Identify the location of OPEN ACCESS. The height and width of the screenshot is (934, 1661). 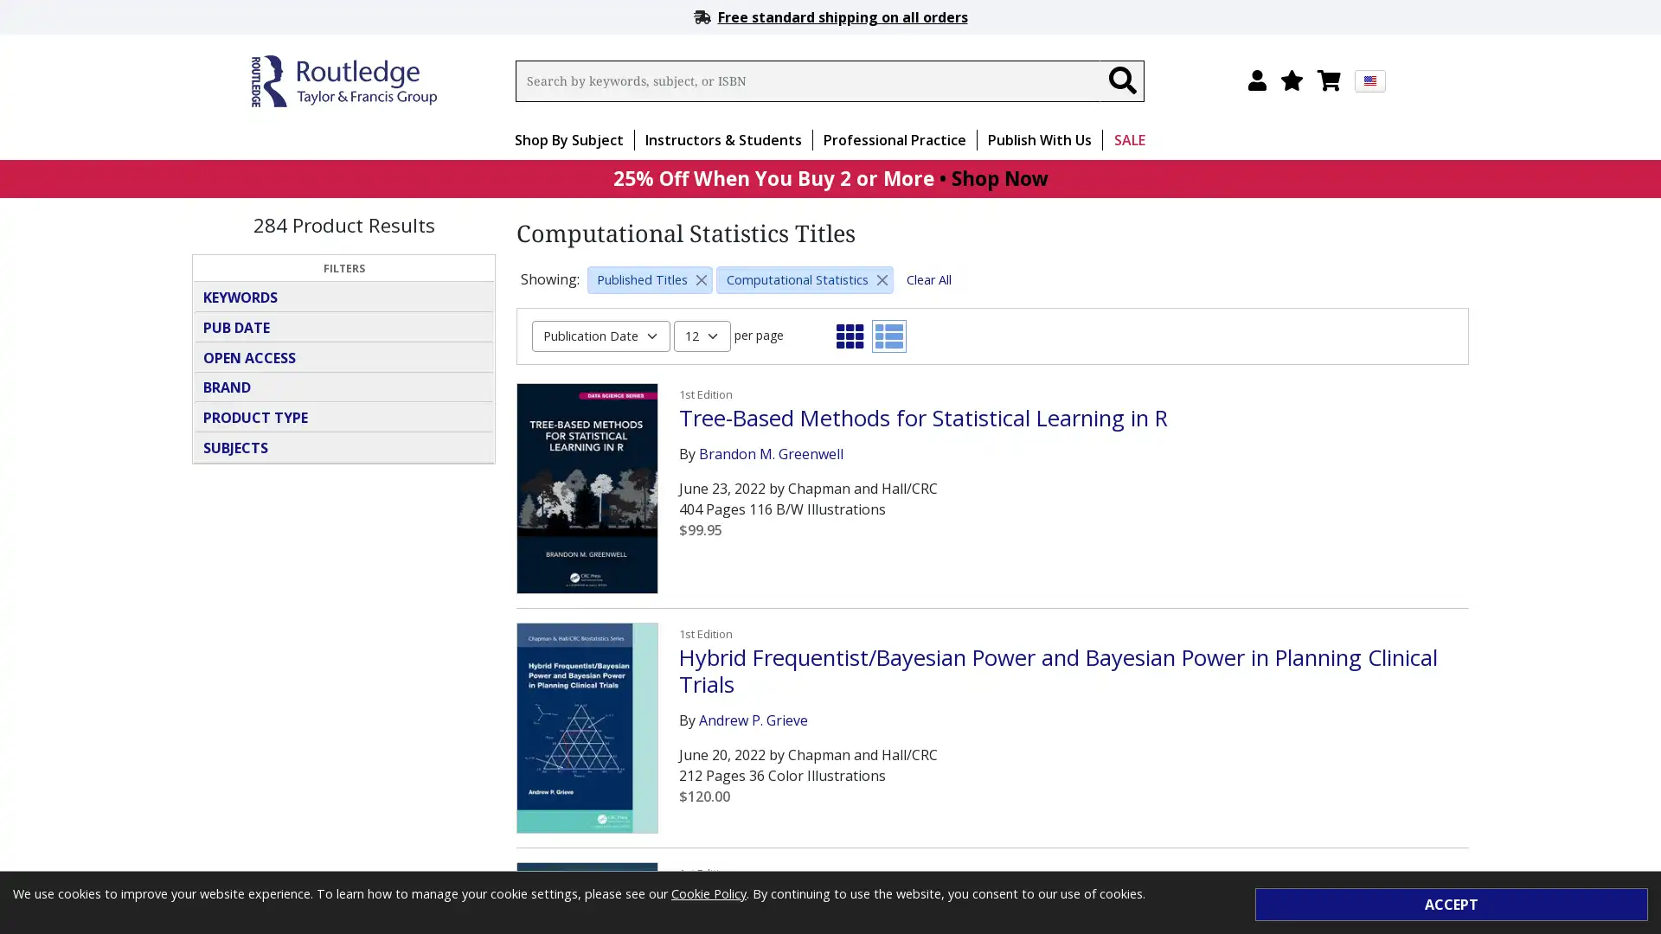
(343, 355).